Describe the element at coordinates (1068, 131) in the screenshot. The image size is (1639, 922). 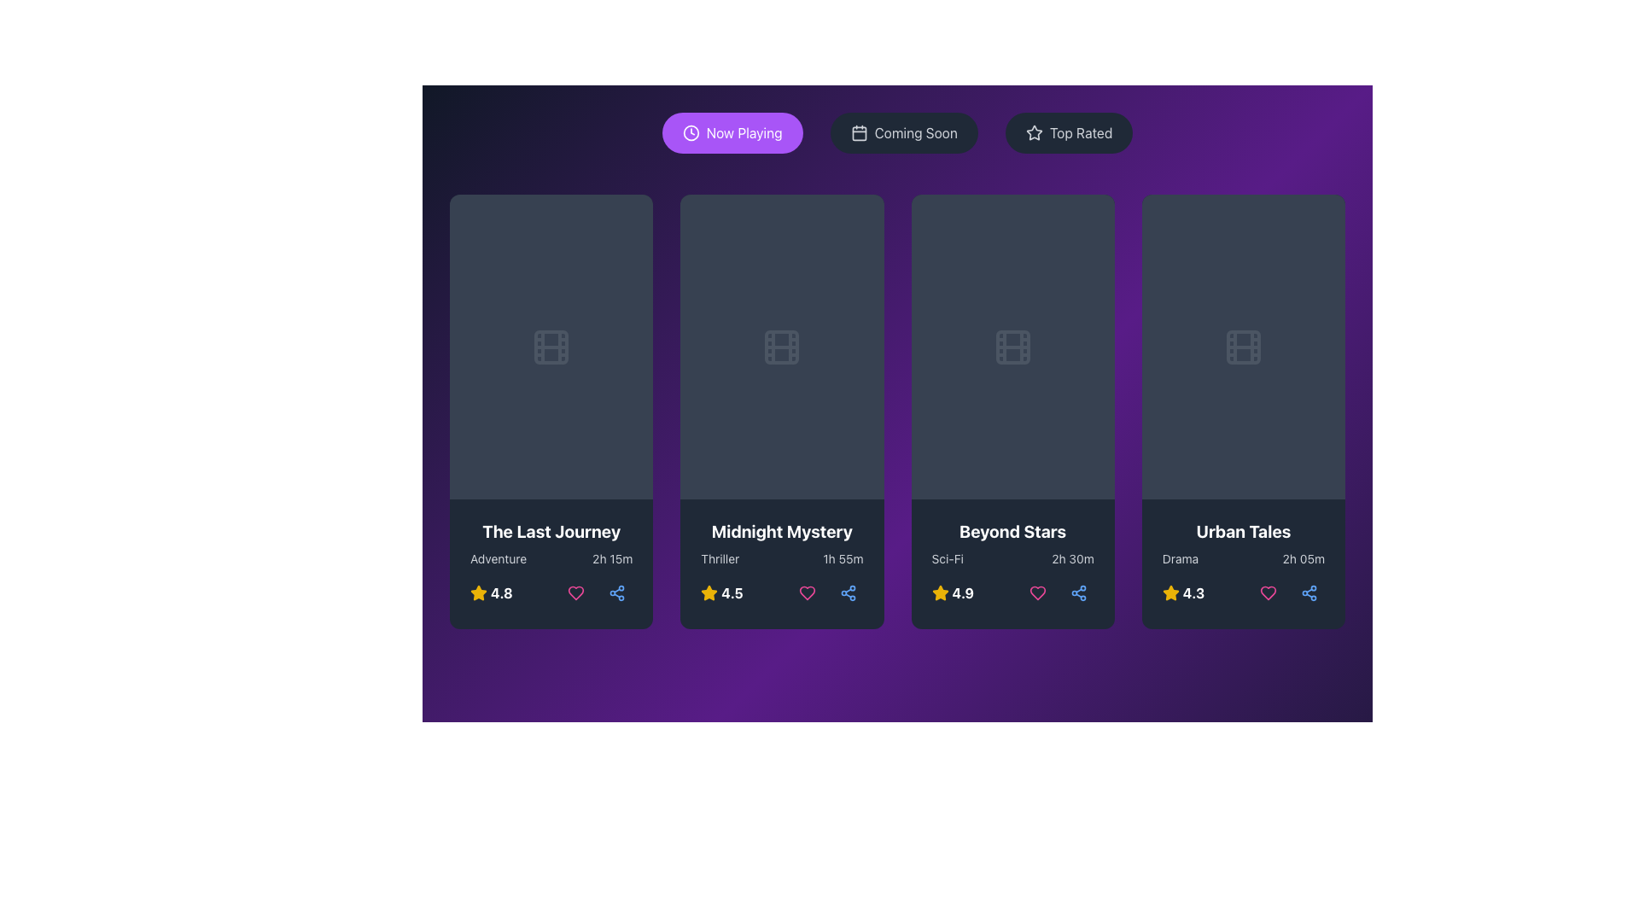
I see `the 'Top Rated' button using tab navigation` at that location.